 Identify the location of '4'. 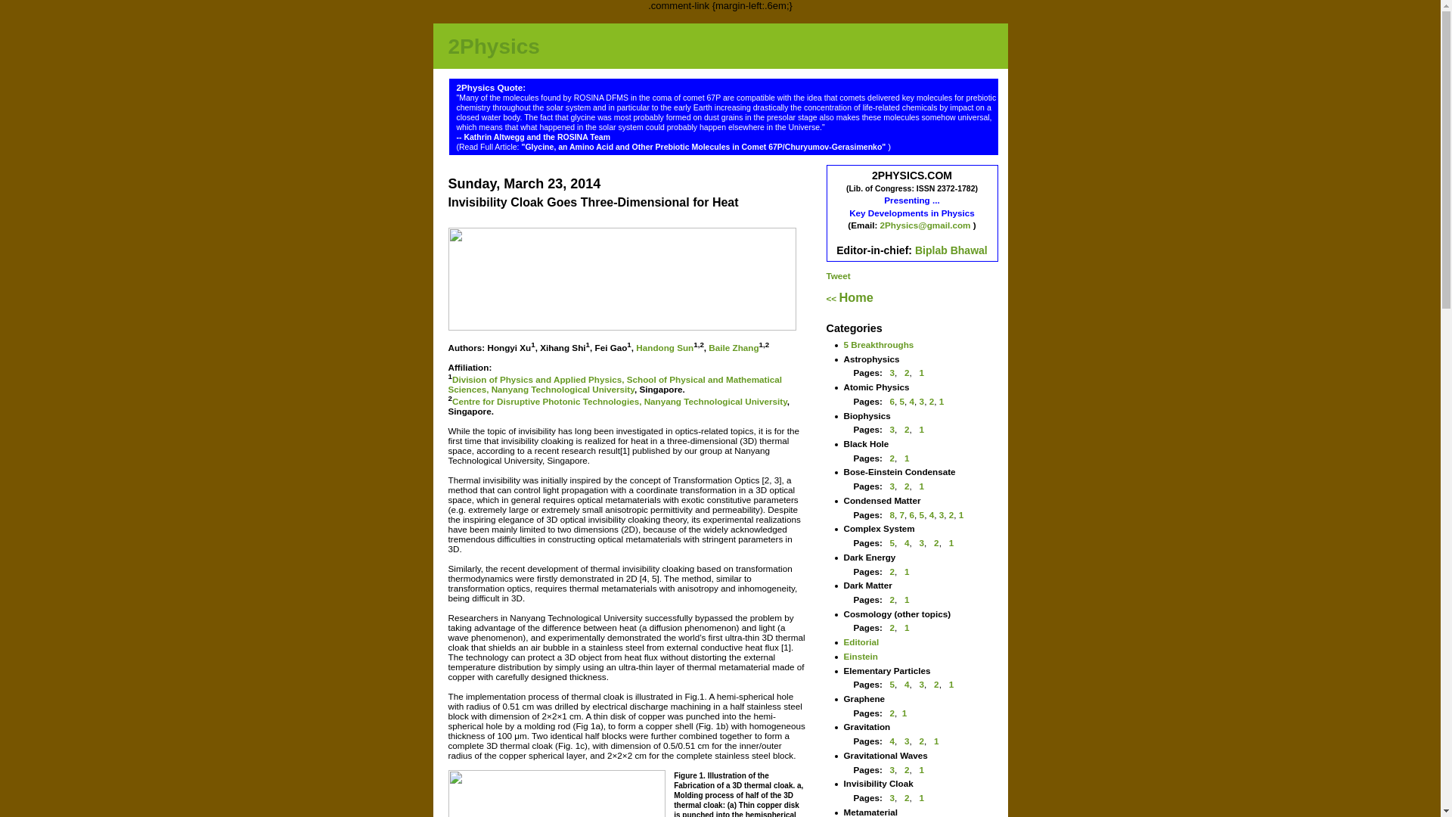
(909, 400).